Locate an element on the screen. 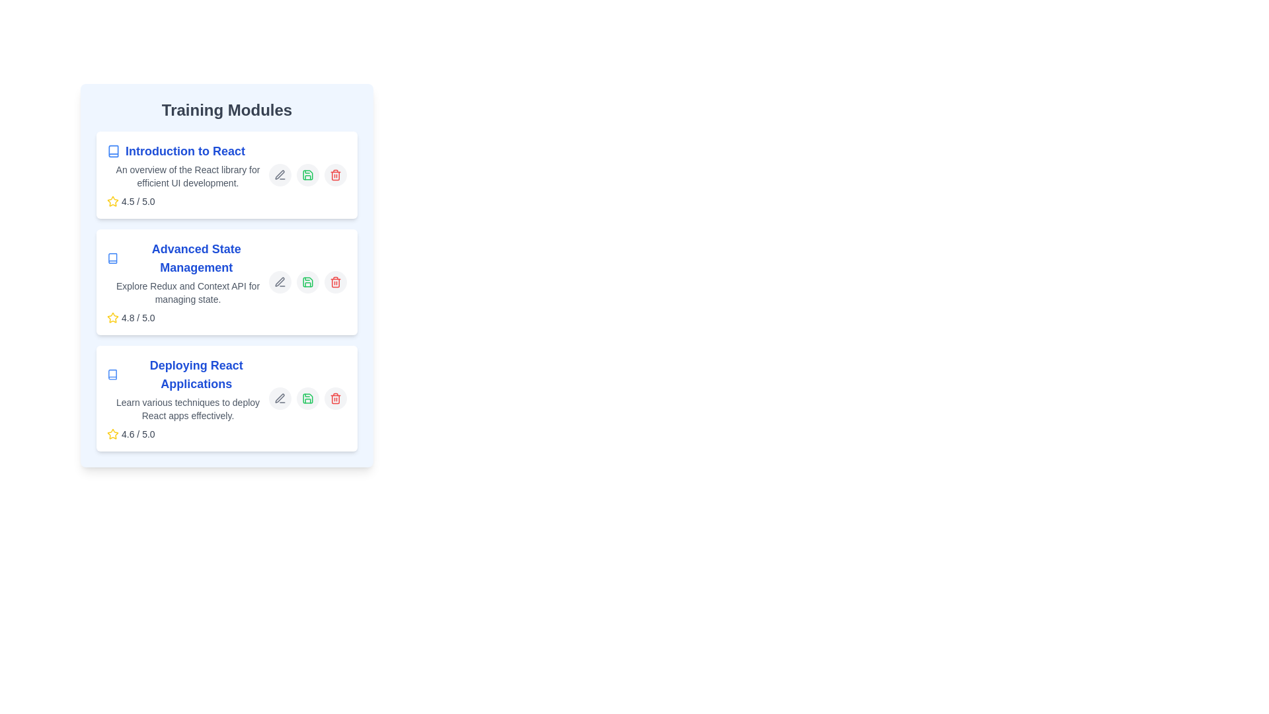  the Icon Button in the second slot of the icon row for the 'Advanced State Management' training module is located at coordinates (307, 282).